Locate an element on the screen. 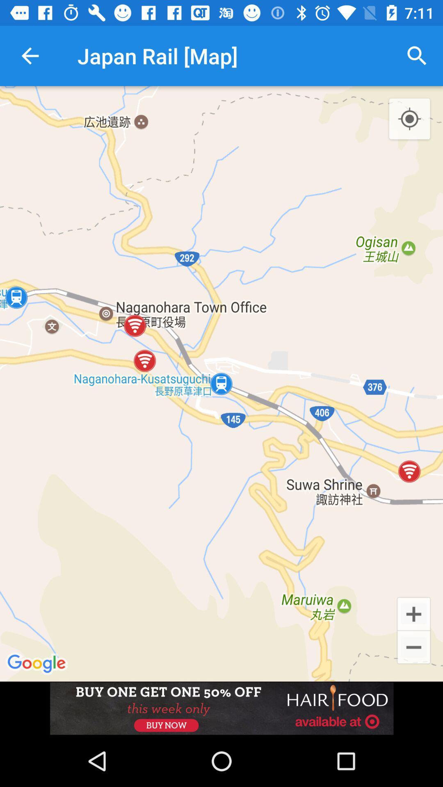 Image resolution: width=443 pixels, height=787 pixels. zoom in is located at coordinates (413, 614).